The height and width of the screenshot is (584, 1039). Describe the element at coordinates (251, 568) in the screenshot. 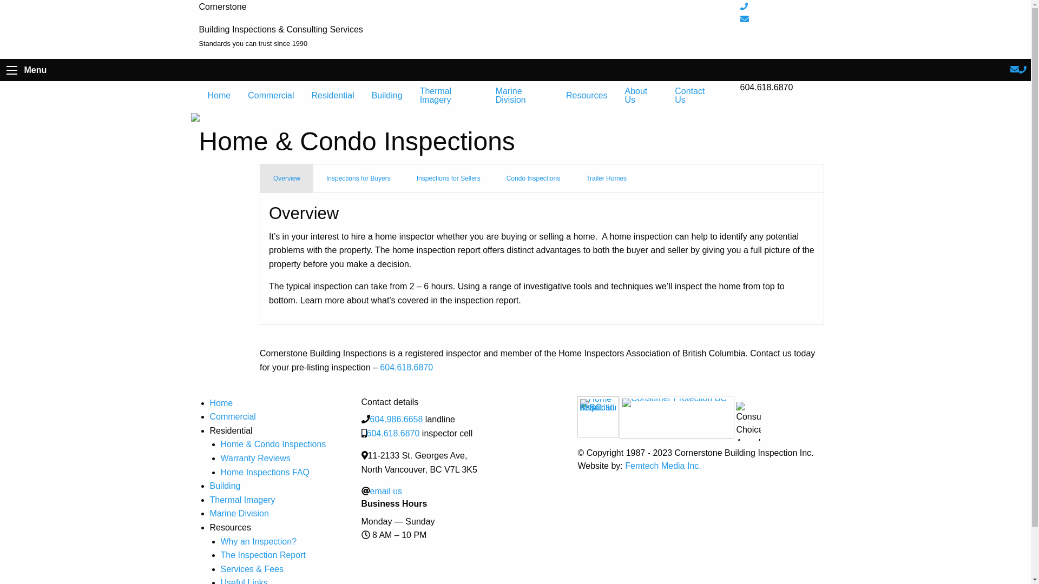

I see `'Services & Fees'` at that location.